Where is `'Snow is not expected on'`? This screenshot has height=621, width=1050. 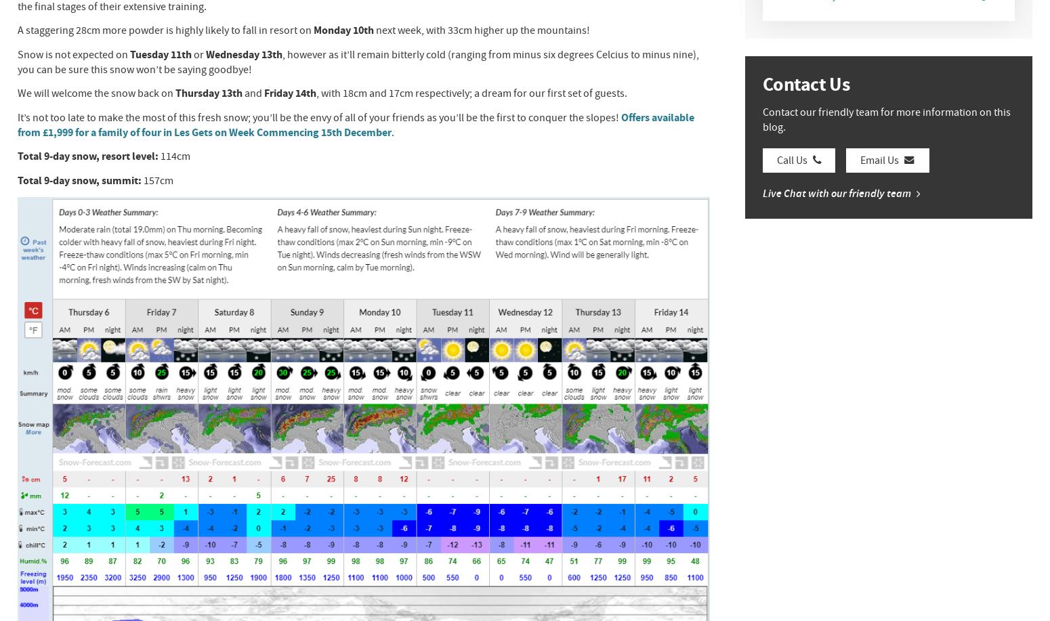 'Snow is not expected on' is located at coordinates (73, 53).